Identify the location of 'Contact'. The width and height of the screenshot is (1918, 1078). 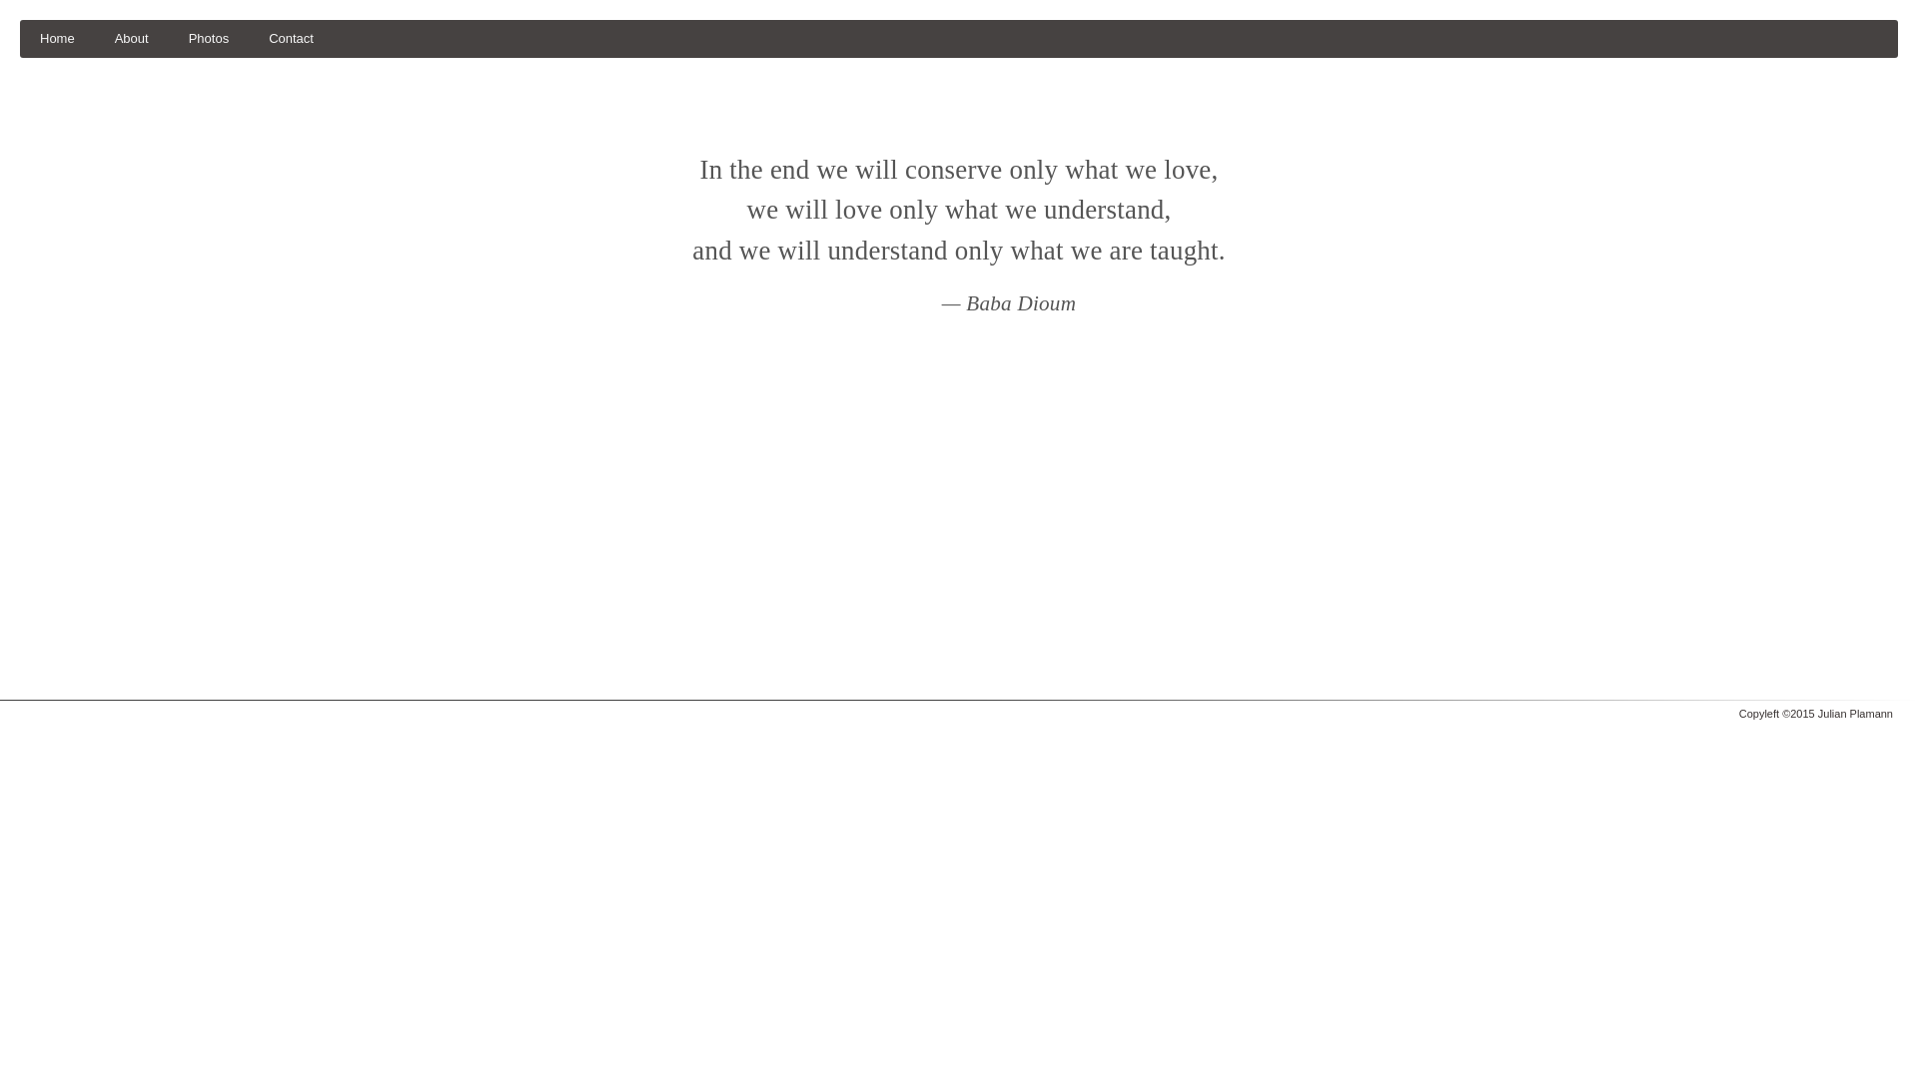
(290, 38).